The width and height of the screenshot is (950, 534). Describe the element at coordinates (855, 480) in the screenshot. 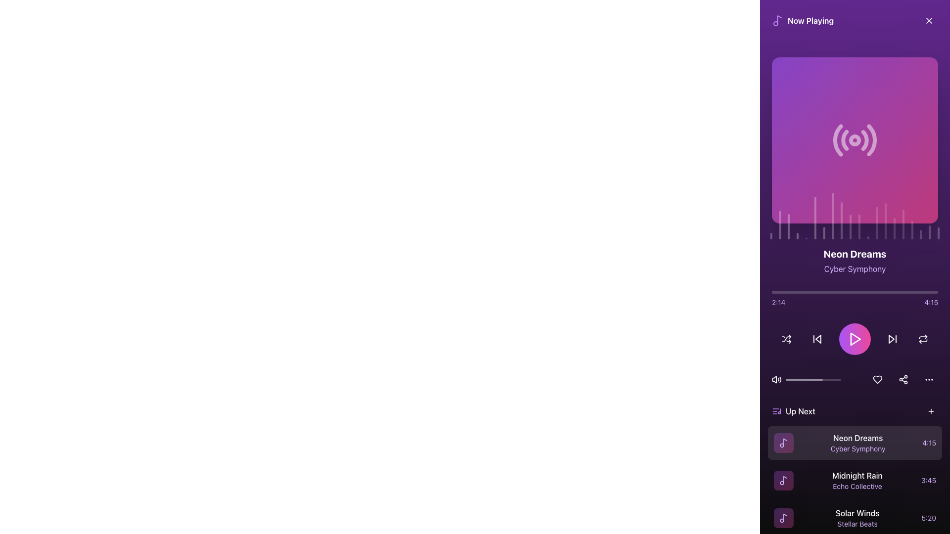

I see `the second list item in the 'Up Next' section` at that location.